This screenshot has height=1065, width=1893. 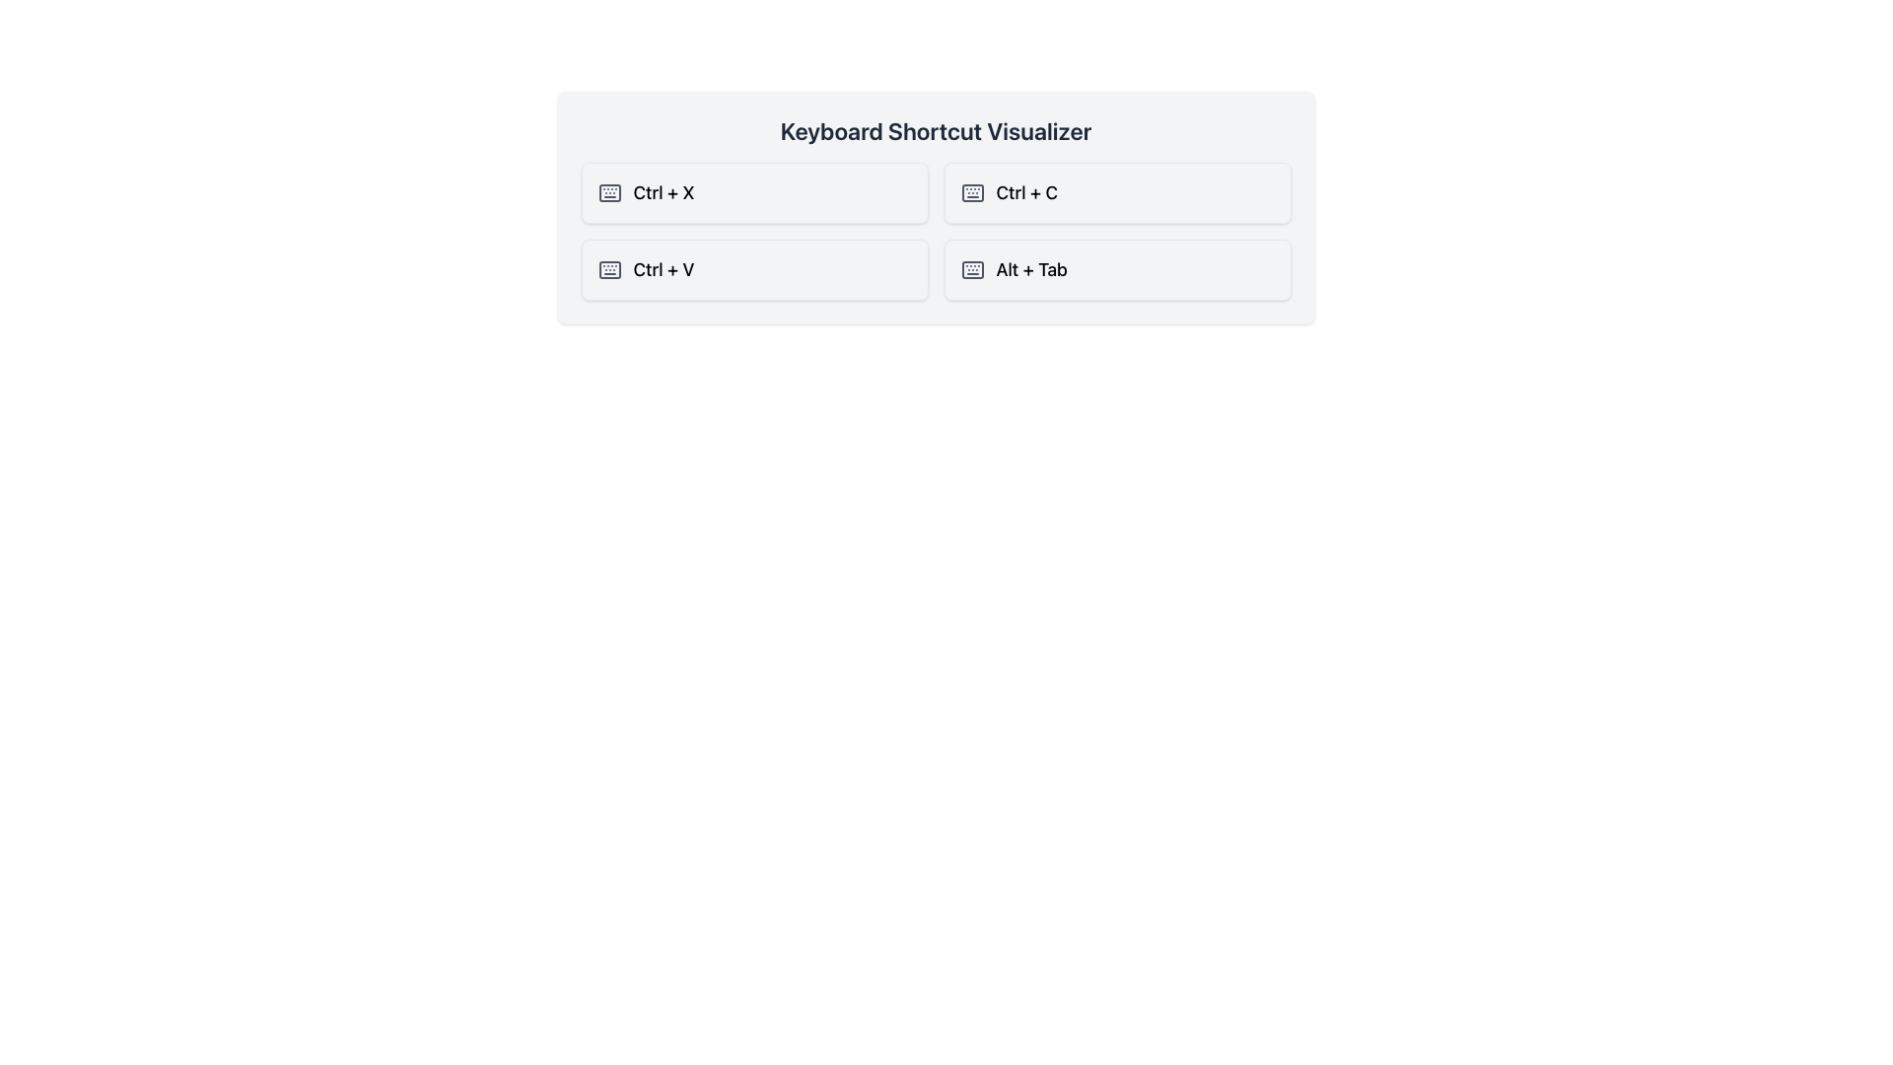 I want to click on the keyboard icon, which is styled with a gray color and located next to the text label 'Ctrl + X' in the 'Keyboard Shortcut Visualizer' grid, so click(x=608, y=193).